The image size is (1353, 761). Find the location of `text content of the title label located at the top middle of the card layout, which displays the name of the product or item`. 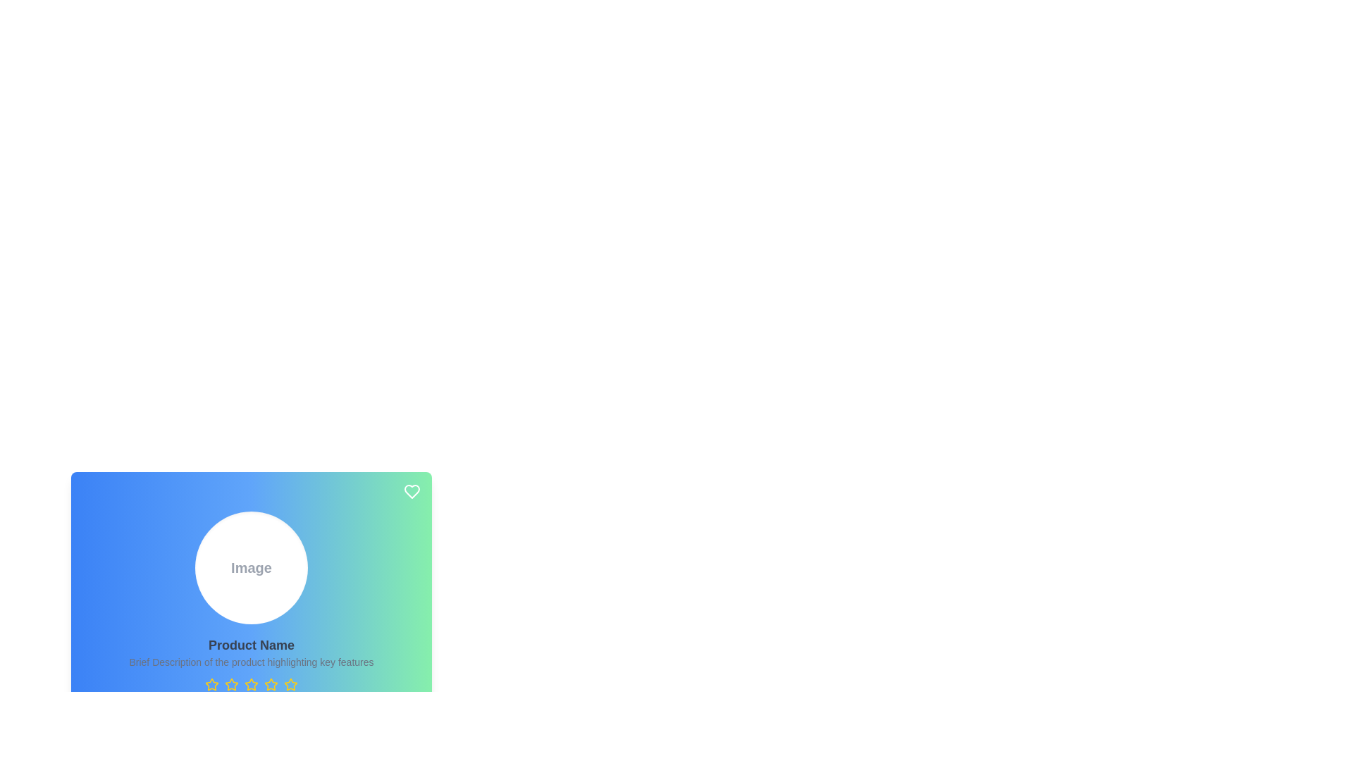

text content of the title label located at the top middle of the card layout, which displays the name of the product or item is located at coordinates (251, 645).